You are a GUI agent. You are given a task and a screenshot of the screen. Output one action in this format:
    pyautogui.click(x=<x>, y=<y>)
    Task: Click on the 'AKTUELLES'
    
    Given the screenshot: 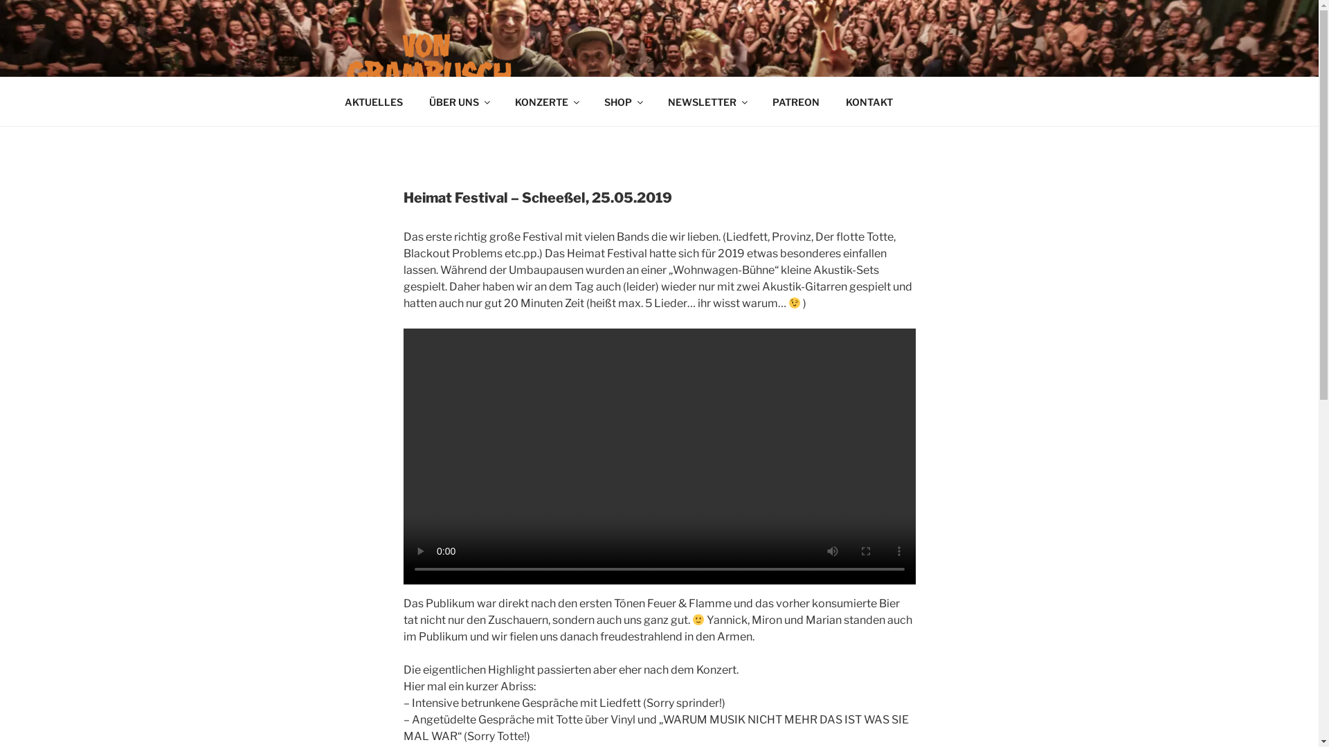 What is the action you would take?
    pyautogui.click(x=373, y=100)
    